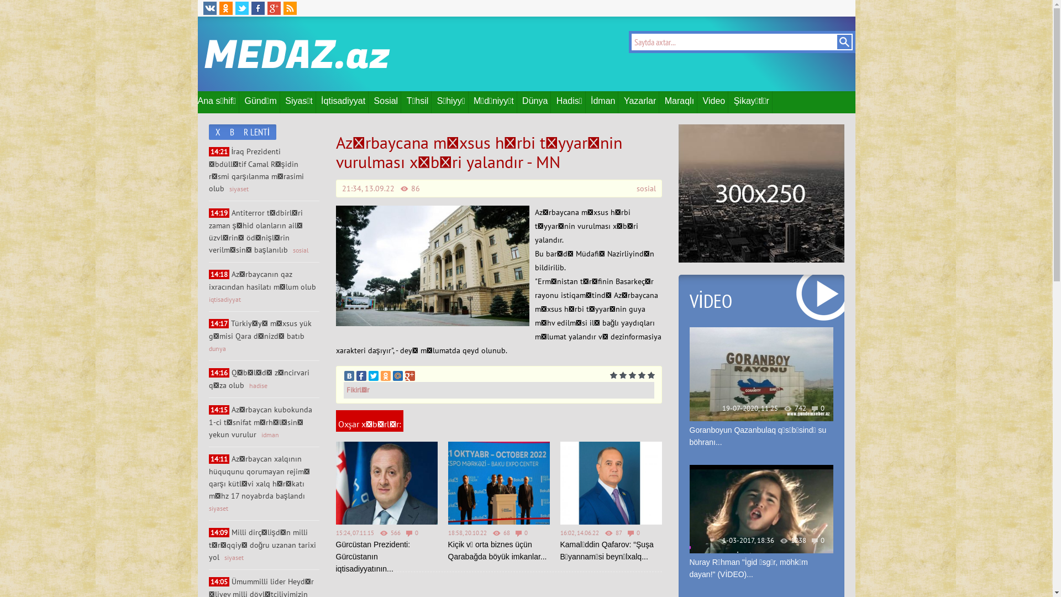 The image size is (1061, 597). What do you see at coordinates (651, 375) in the screenshot?
I see `'5'` at bounding box center [651, 375].